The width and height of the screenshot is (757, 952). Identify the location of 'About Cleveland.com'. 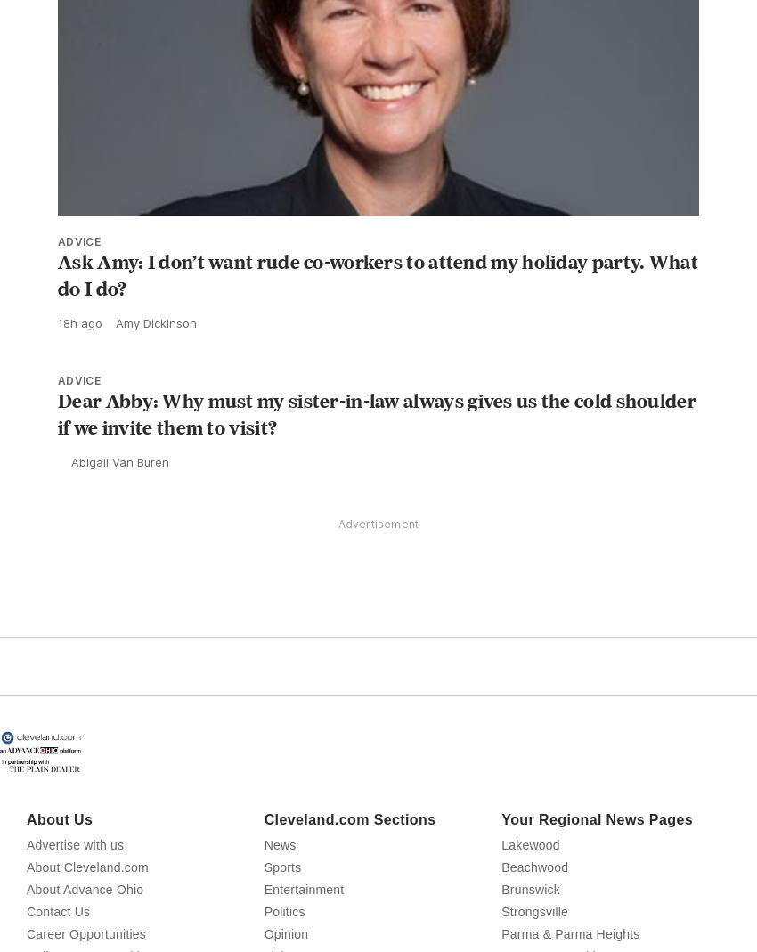
(86, 907).